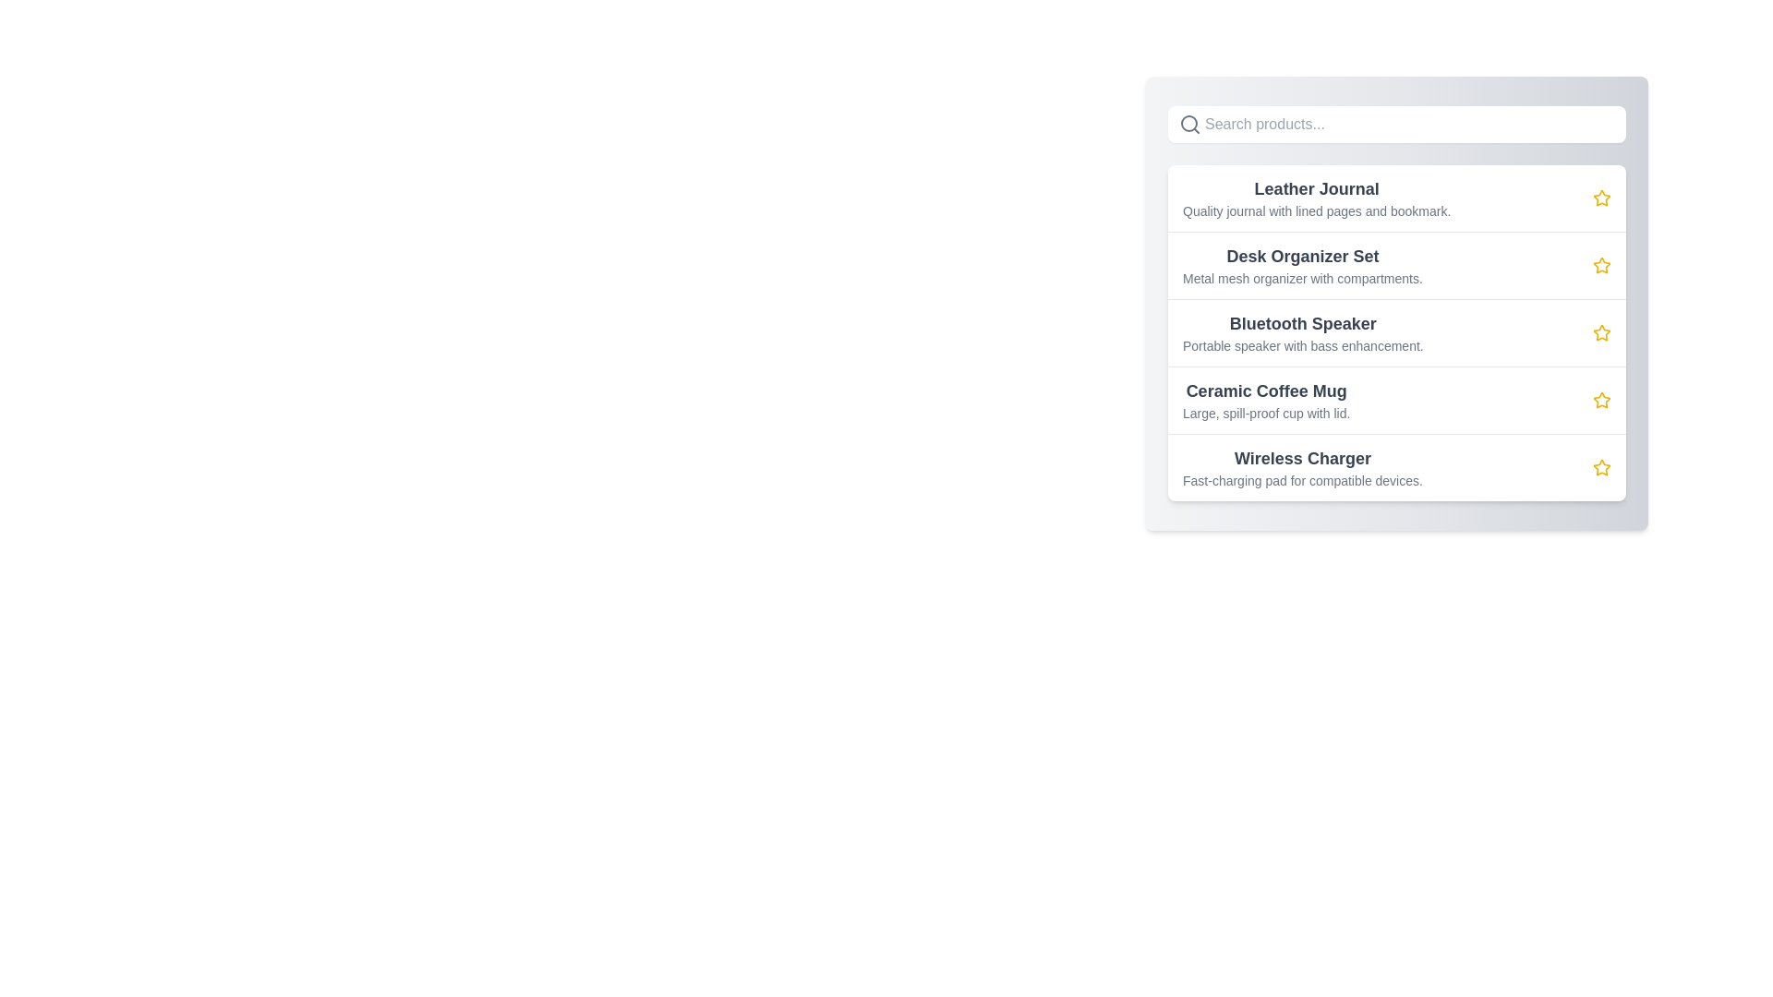 Image resolution: width=1773 pixels, height=997 pixels. Describe the element at coordinates (1600, 266) in the screenshot. I see `the star icon indicating the rating or favorite state for the 'Desk Organizer Set', located on the far right of its row` at that location.